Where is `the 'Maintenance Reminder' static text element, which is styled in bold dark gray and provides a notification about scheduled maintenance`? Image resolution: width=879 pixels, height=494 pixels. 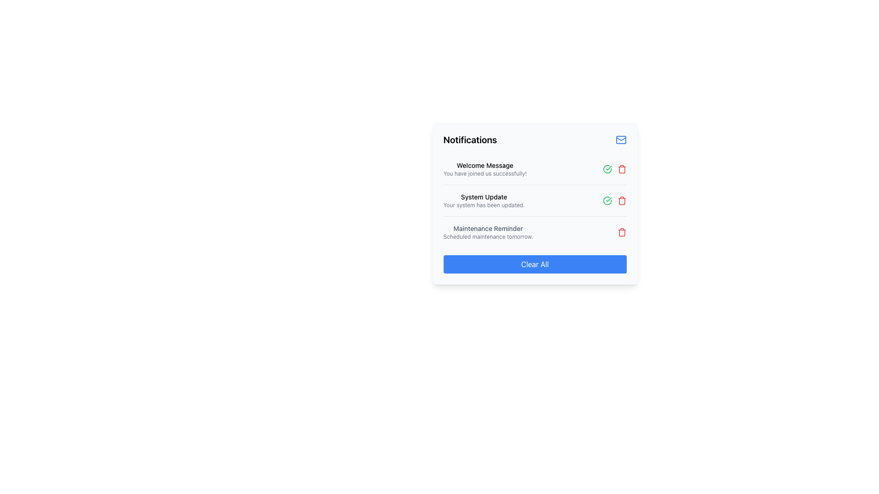 the 'Maintenance Reminder' static text element, which is styled in bold dark gray and provides a notification about scheduled maintenance is located at coordinates (488, 232).